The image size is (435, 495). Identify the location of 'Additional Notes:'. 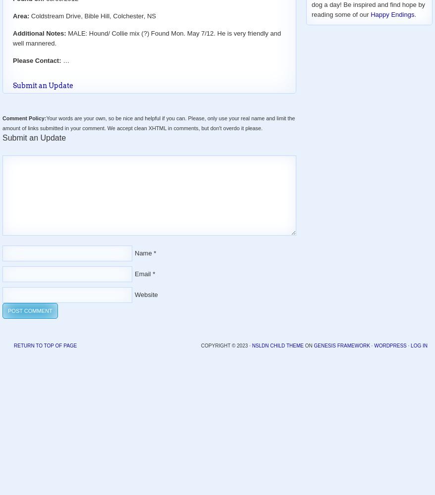
(39, 32).